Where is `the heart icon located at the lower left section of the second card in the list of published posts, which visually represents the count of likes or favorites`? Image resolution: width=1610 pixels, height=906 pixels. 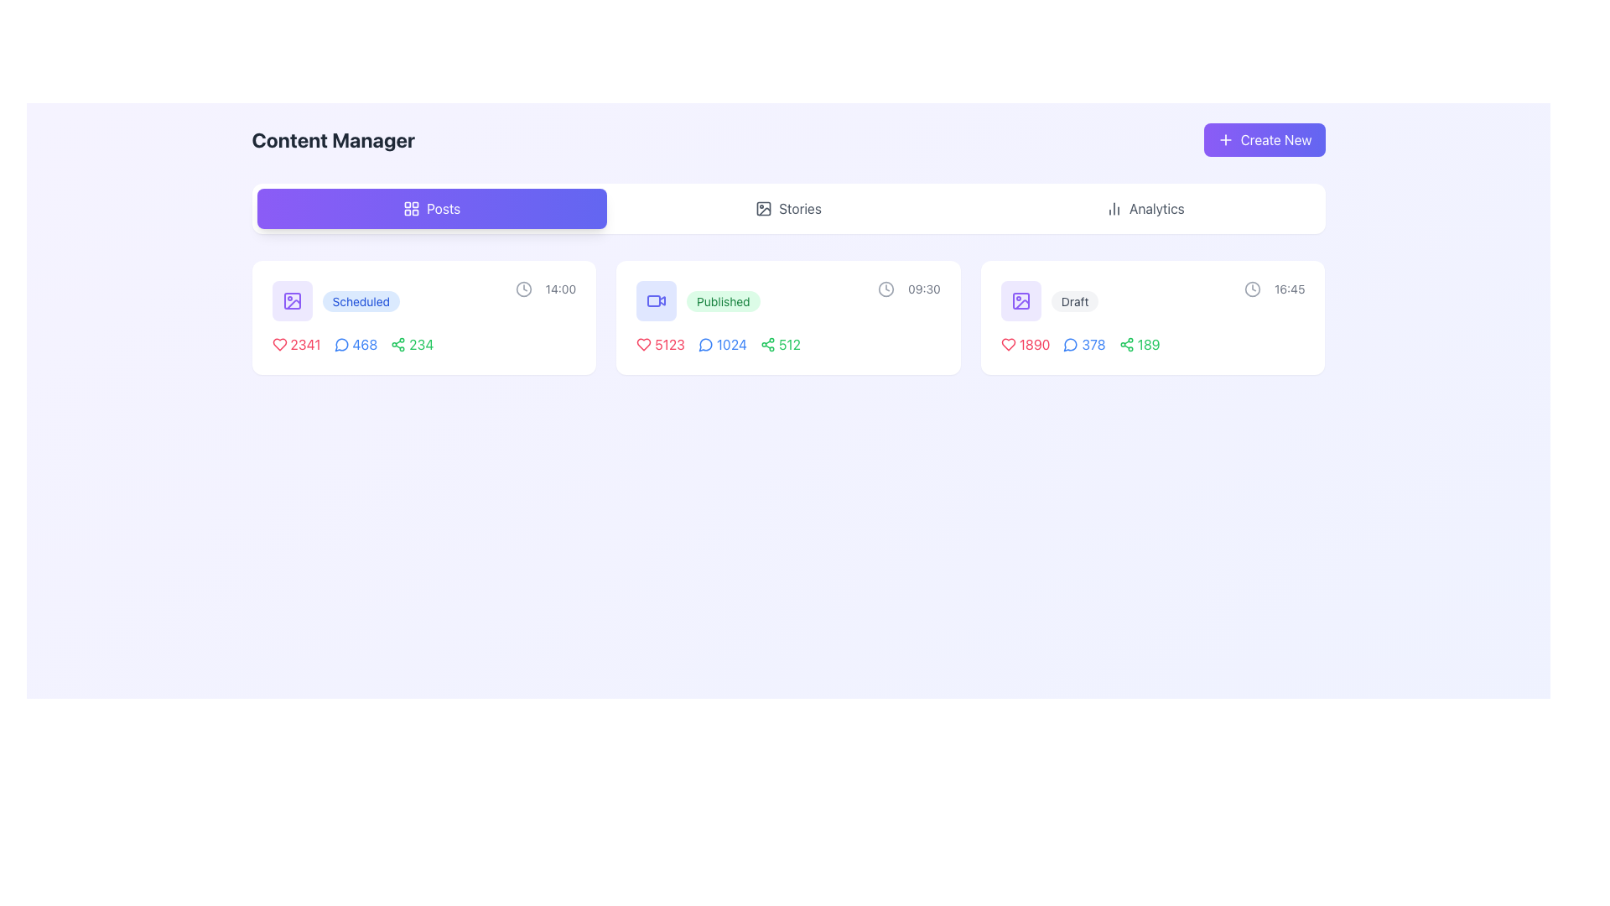 the heart icon located at the lower left section of the second card in the list of published posts, which visually represents the count of likes or favorites is located at coordinates (643, 344).